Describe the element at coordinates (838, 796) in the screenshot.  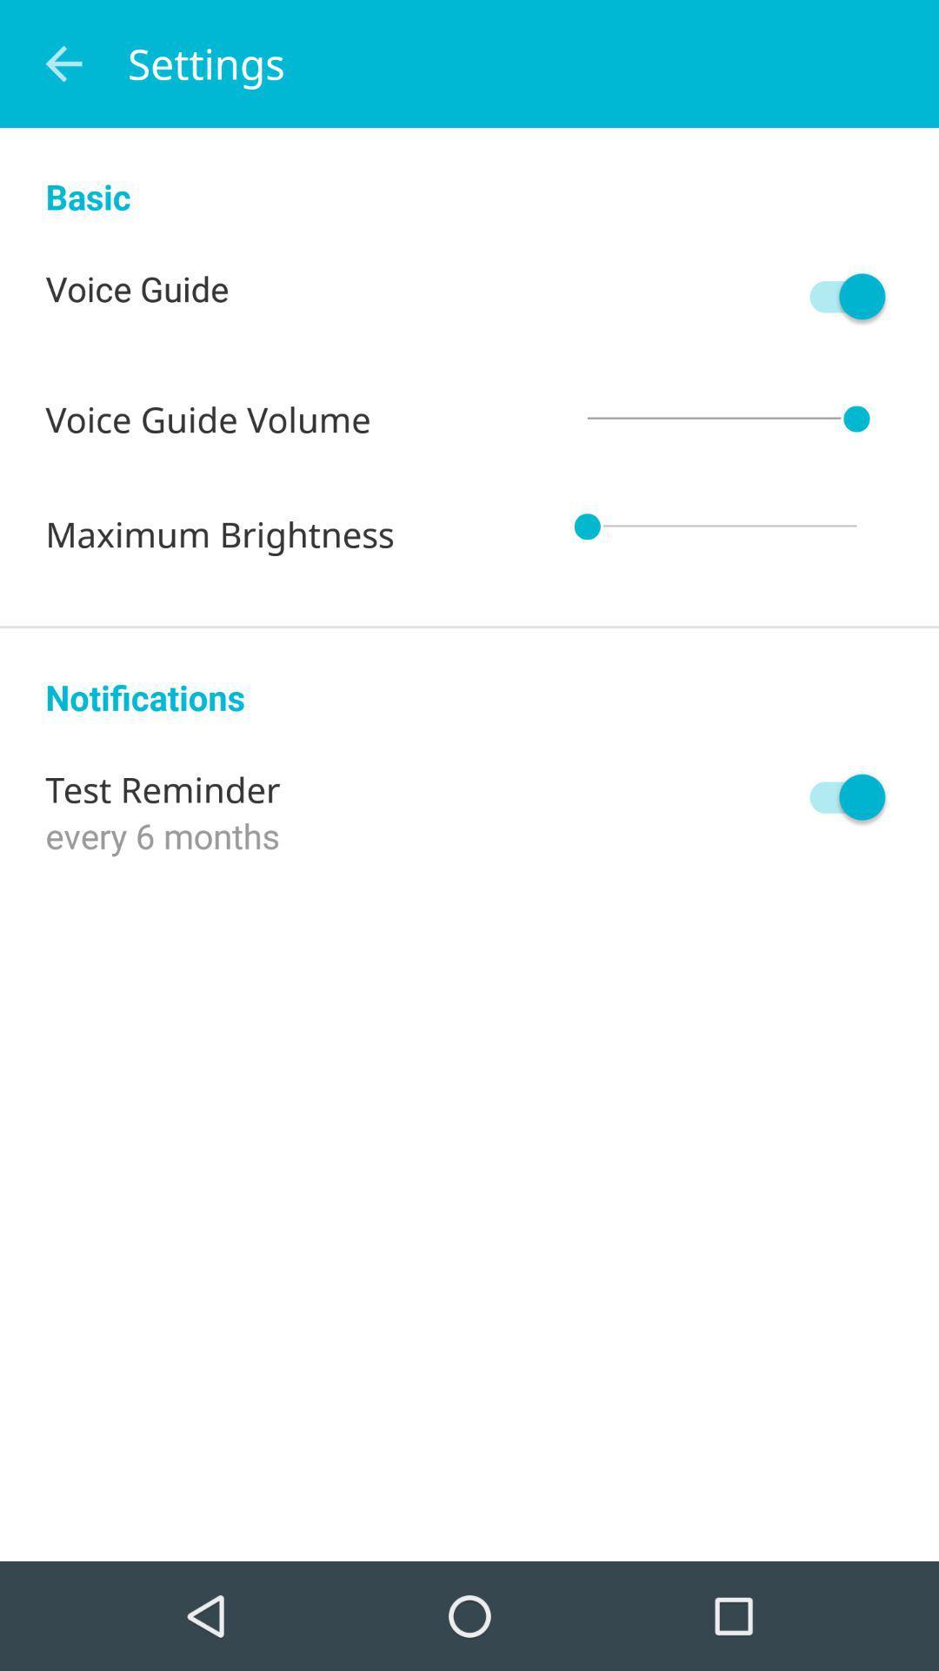
I see `the notification area describe the test reminder in every 6 months before that we have to toggle` at that location.